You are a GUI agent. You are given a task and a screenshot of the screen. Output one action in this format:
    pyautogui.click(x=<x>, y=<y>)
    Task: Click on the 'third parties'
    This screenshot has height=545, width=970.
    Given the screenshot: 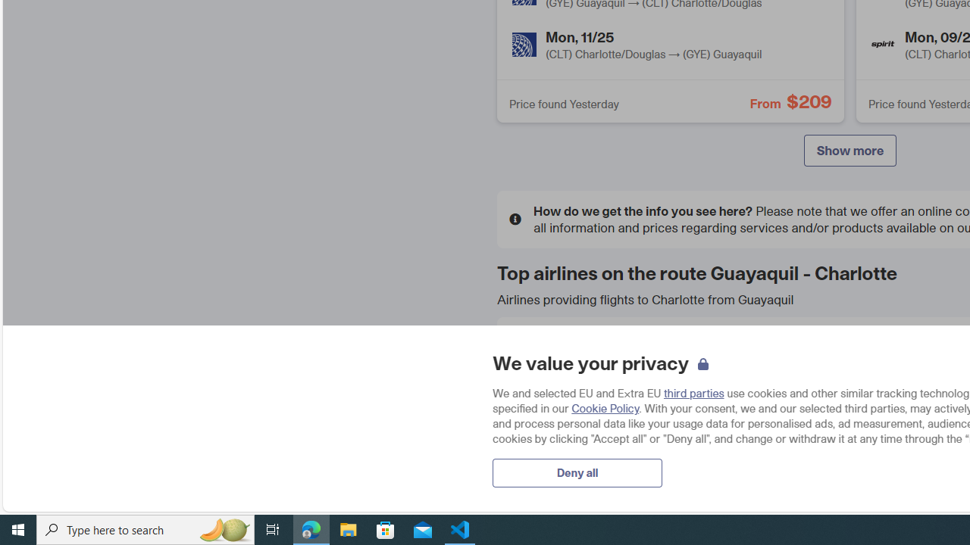 What is the action you would take?
    pyautogui.click(x=693, y=392)
    